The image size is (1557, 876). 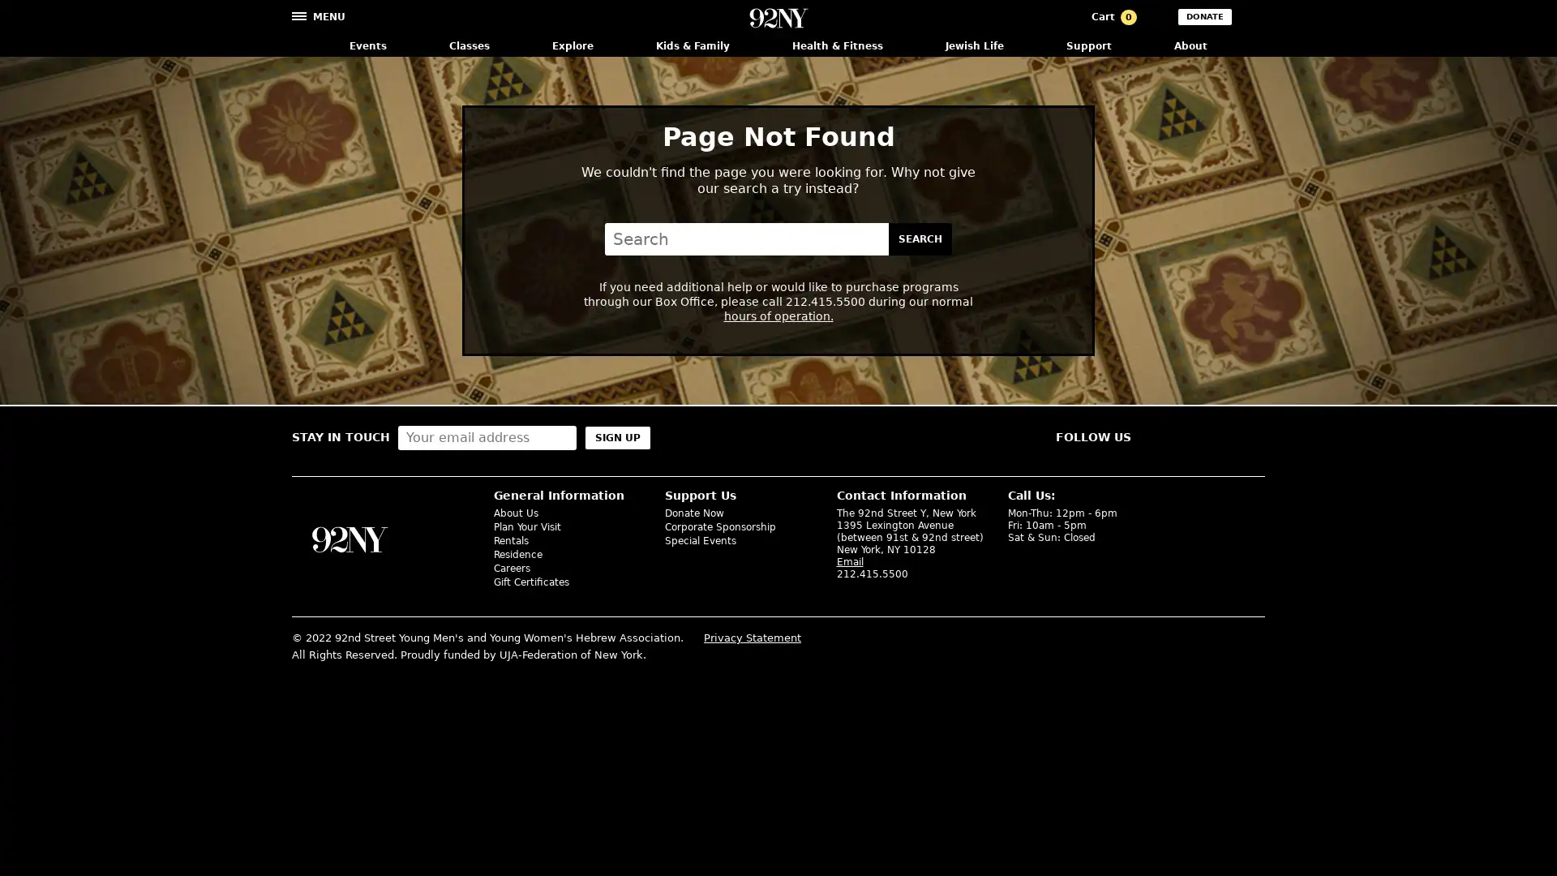 I want to click on Search, so click(x=920, y=238).